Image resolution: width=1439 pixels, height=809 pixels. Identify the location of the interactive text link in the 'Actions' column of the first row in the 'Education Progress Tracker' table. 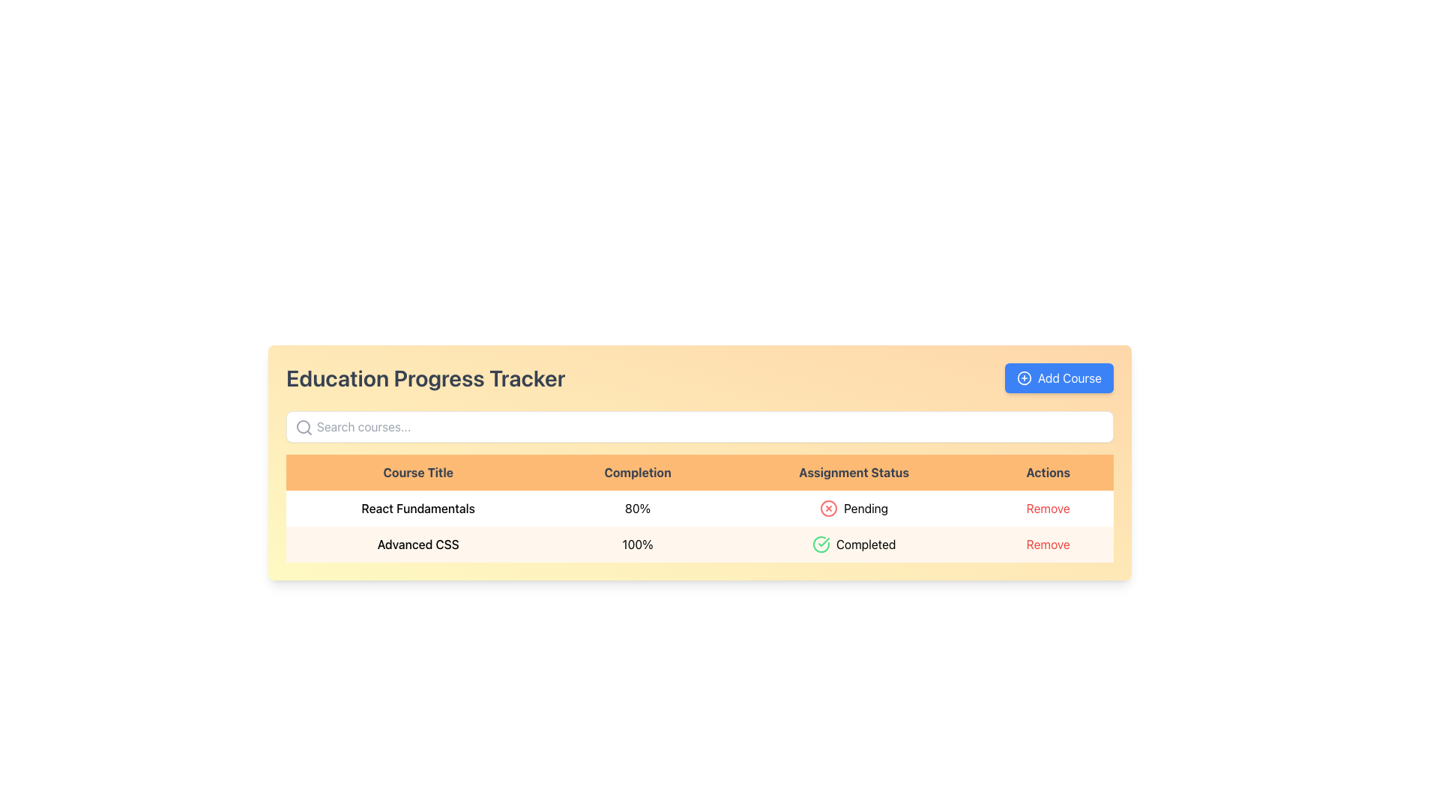
(1046, 507).